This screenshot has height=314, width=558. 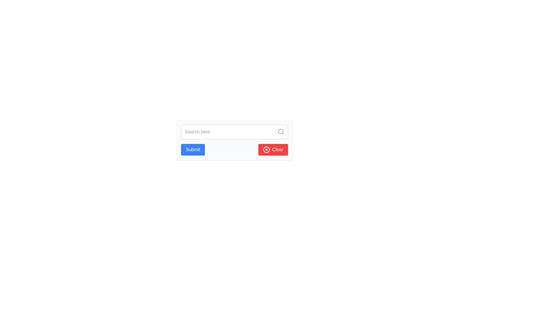 I want to click on the SVG circle element that is part of the search icon, located at the top-right corner of the input box, indicating search functionality, so click(x=280, y=131).